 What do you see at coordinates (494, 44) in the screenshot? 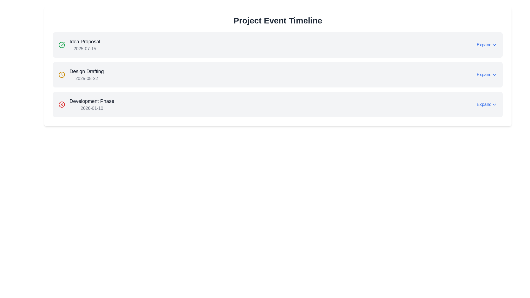
I see `the downward-pointing chevron icon located to the right of the 'Expand' label` at bounding box center [494, 44].